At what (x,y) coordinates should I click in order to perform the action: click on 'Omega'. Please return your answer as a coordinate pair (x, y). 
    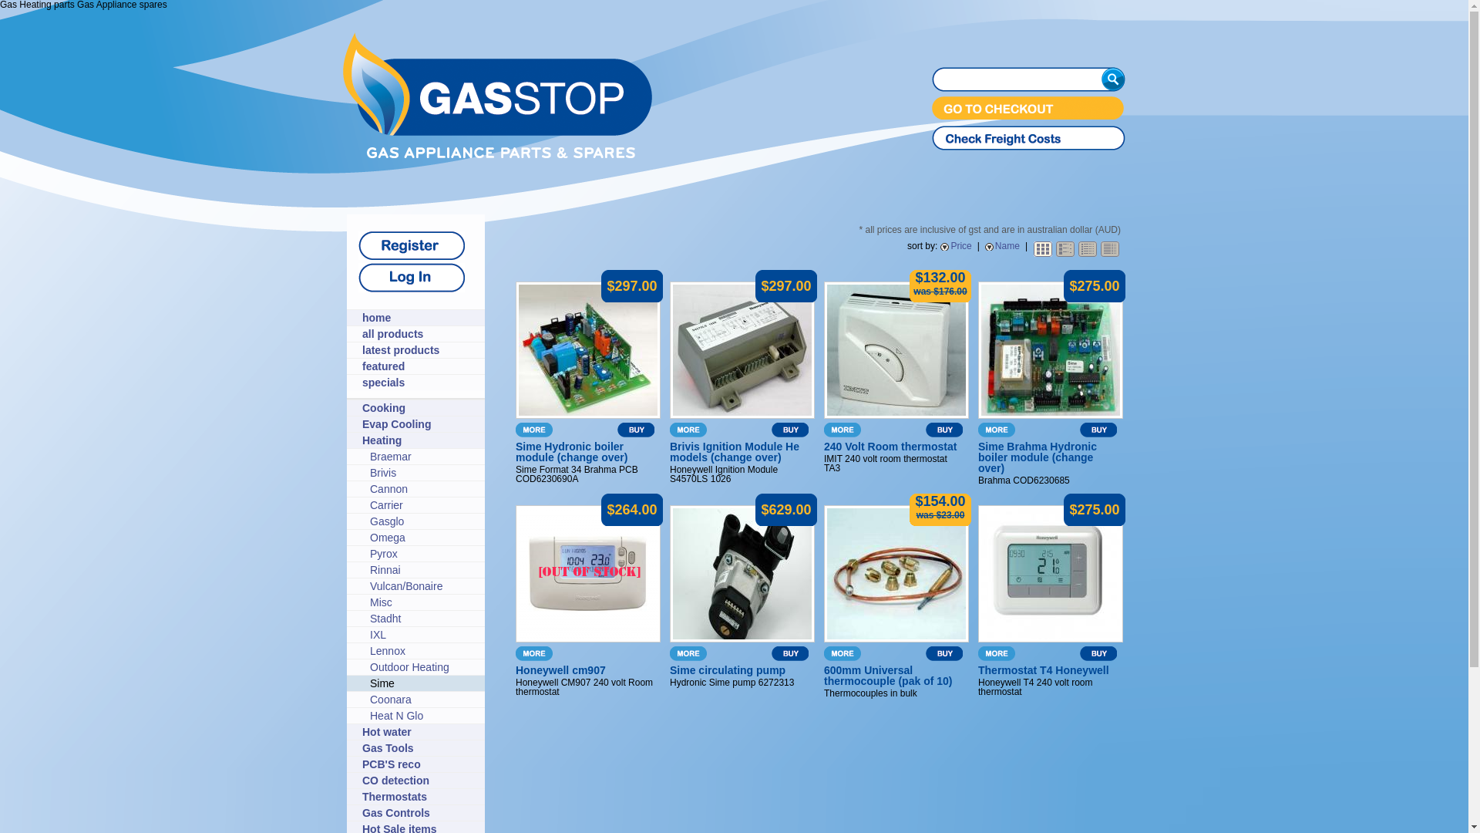
    Looking at the image, I should click on (423, 537).